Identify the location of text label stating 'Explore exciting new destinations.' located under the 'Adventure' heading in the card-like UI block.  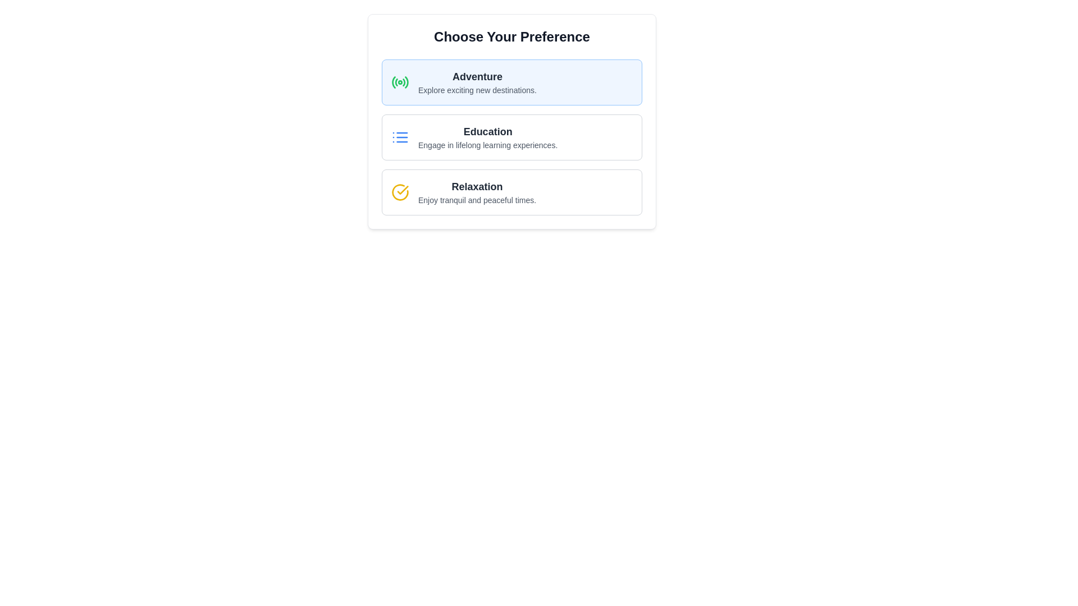
(477, 90).